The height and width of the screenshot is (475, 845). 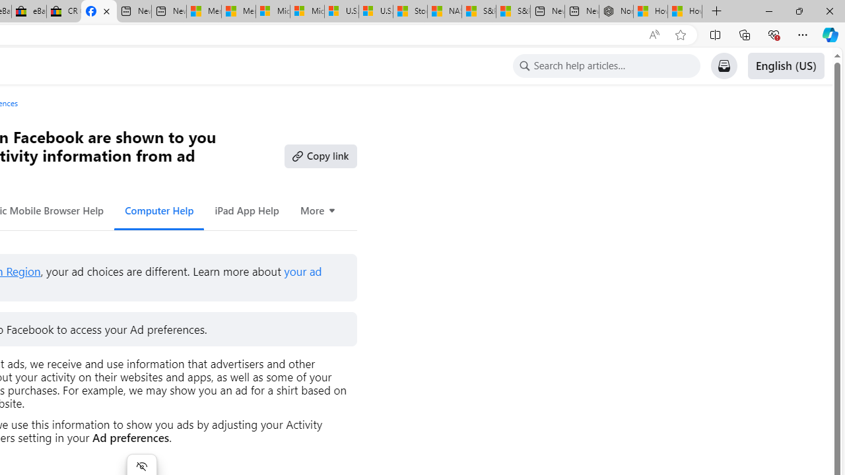 I want to click on 'eBay Inc. Reports Third Quarter 2023 Results', so click(x=29, y=11).